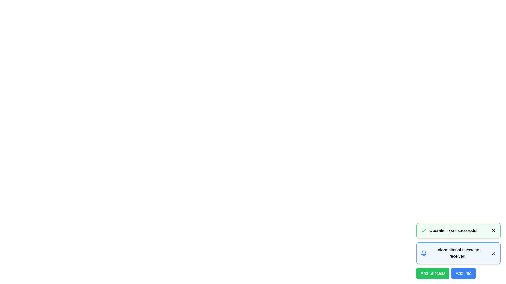  I want to click on the close button in the top-right corner of the blue notification box, so click(493, 253).